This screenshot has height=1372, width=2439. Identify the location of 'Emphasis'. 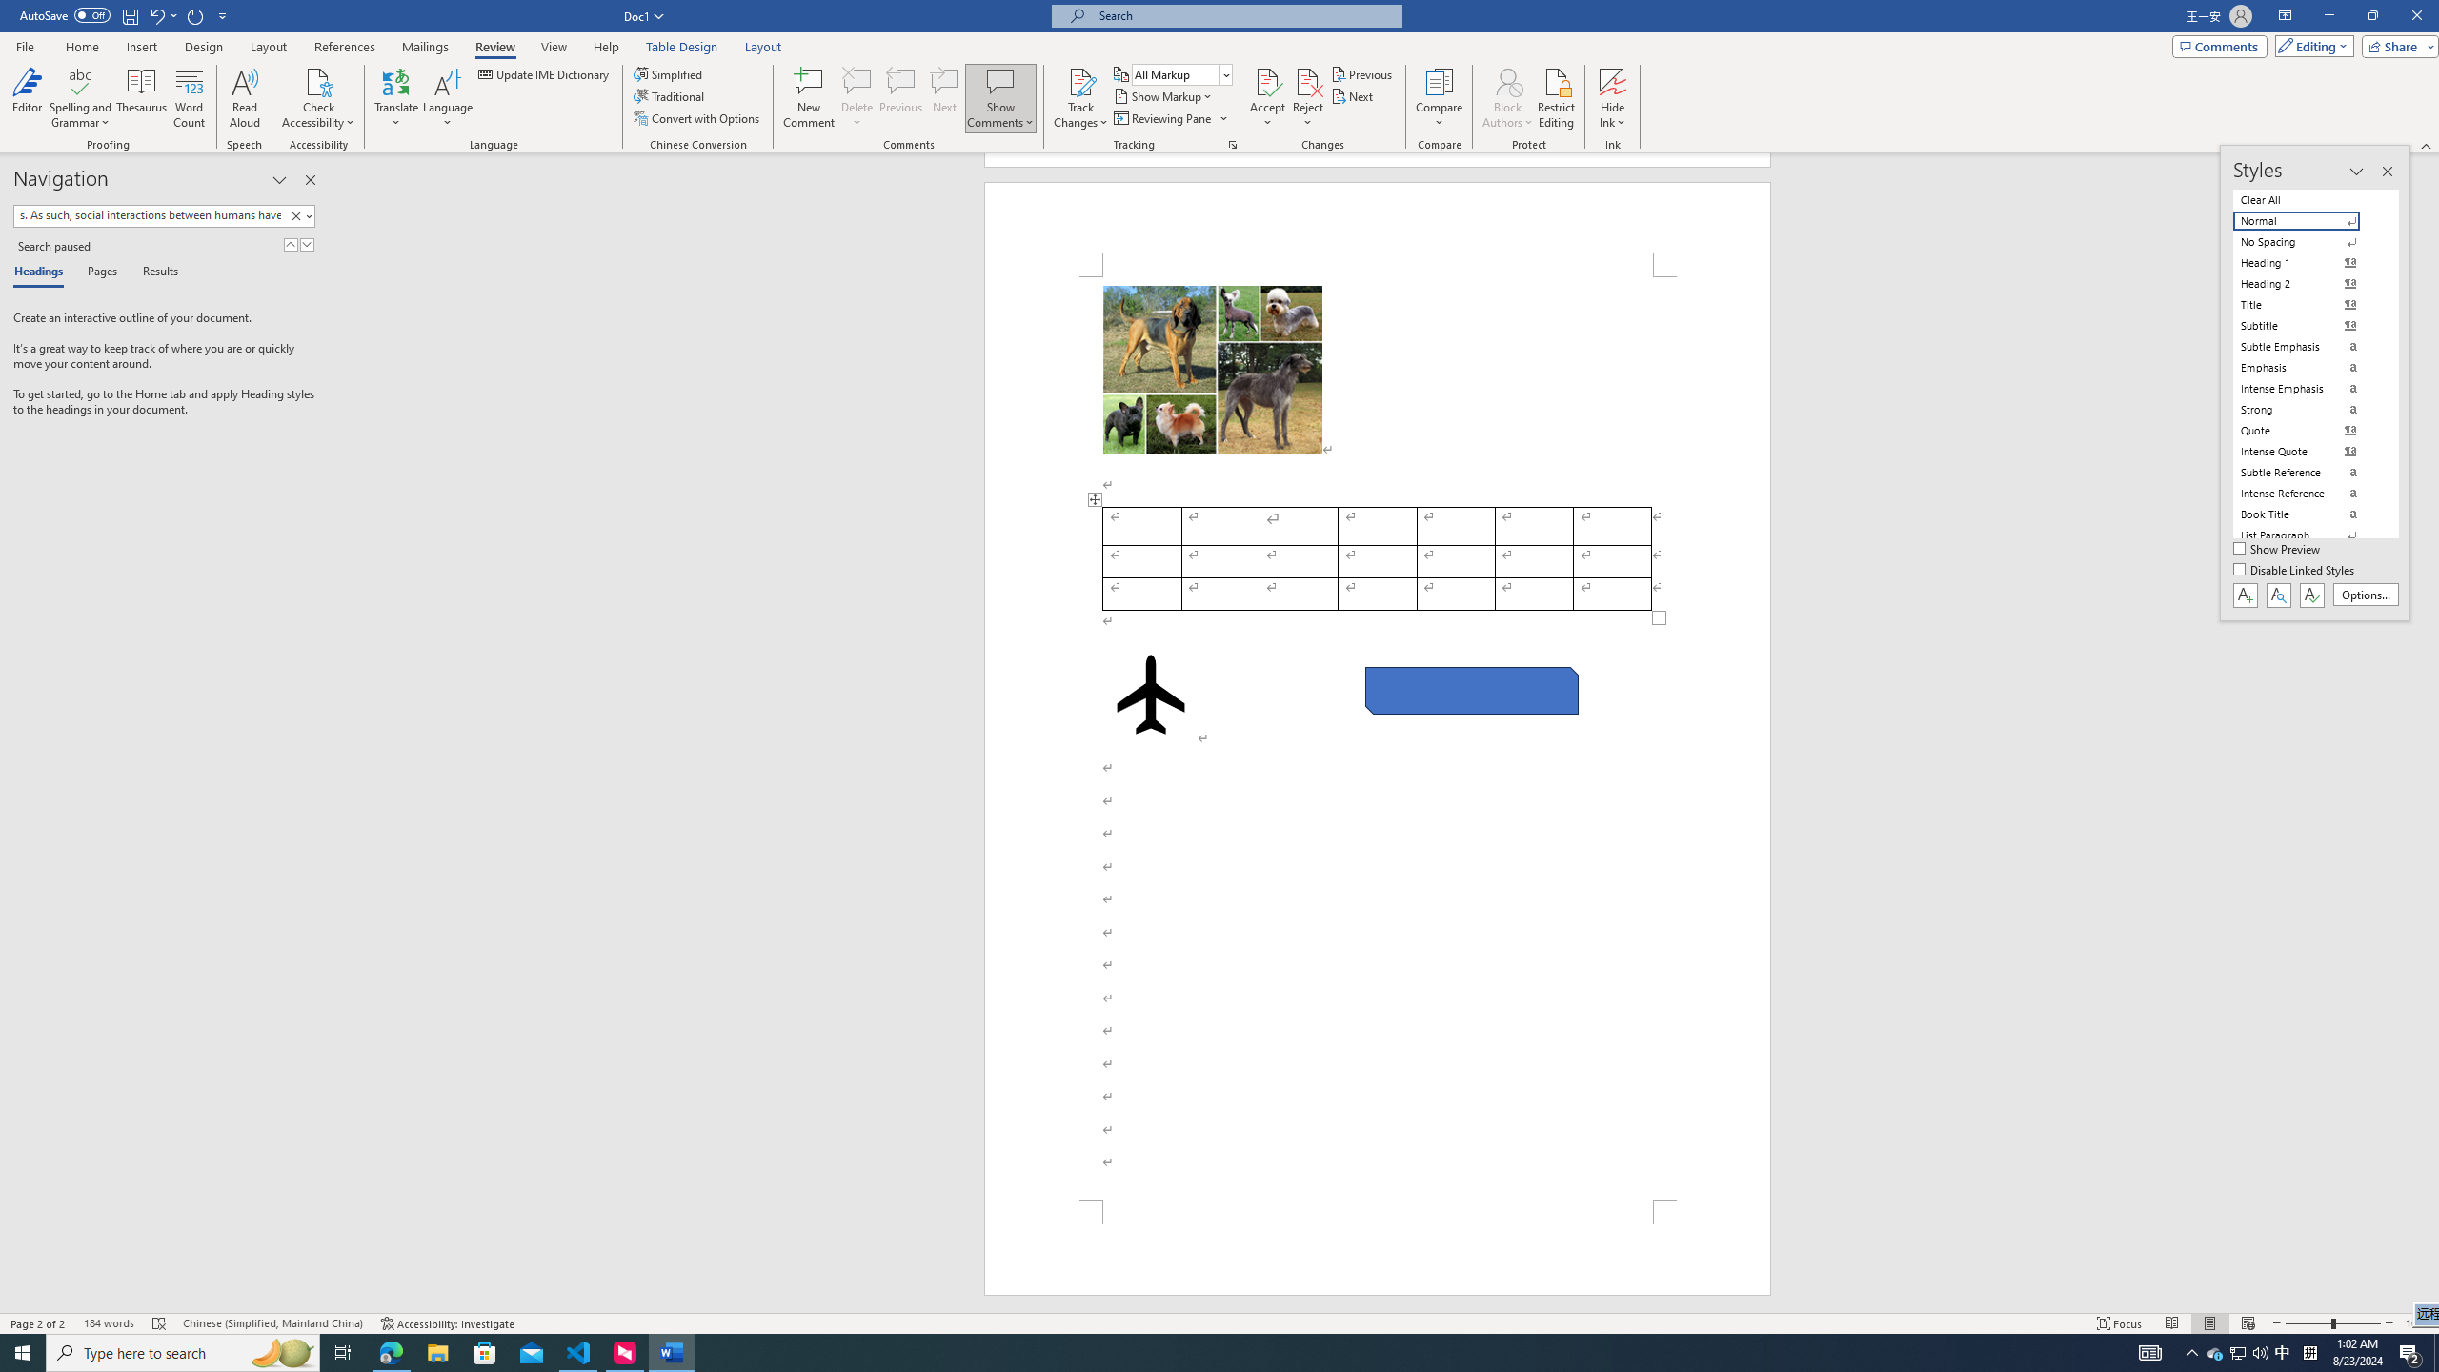
(2308, 366).